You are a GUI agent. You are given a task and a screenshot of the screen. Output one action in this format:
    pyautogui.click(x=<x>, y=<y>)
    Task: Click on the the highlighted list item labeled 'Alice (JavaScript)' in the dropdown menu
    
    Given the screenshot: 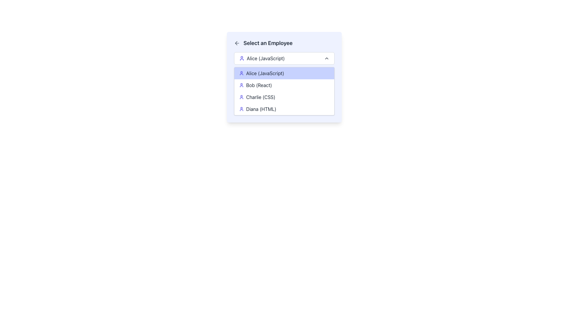 What is the action you would take?
    pyautogui.click(x=284, y=77)
    